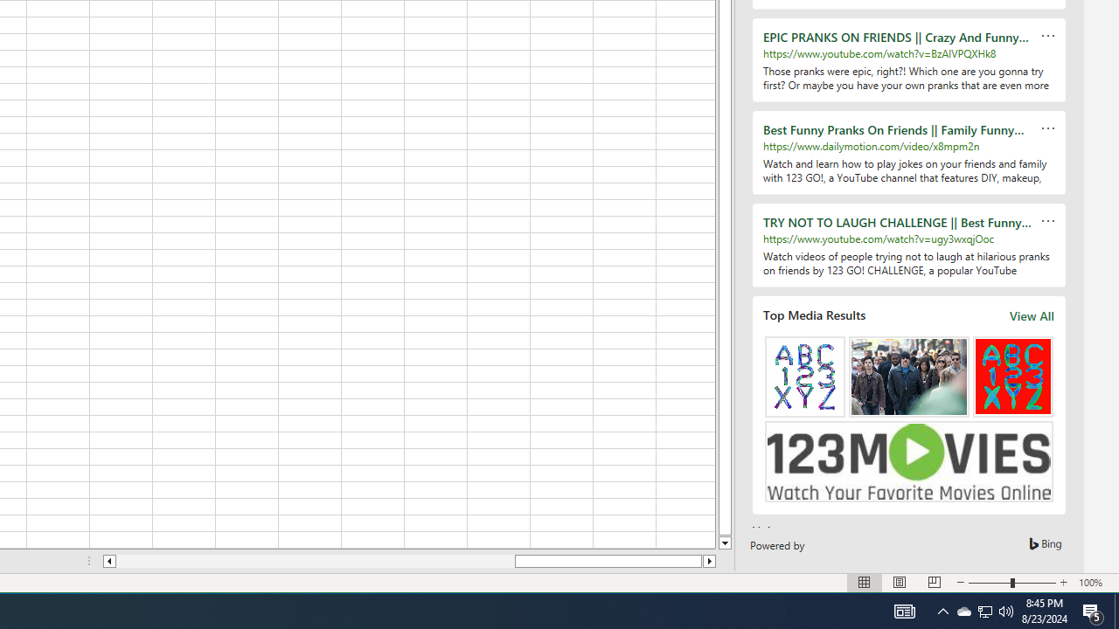  I want to click on 'Show desktop', so click(1116, 610).